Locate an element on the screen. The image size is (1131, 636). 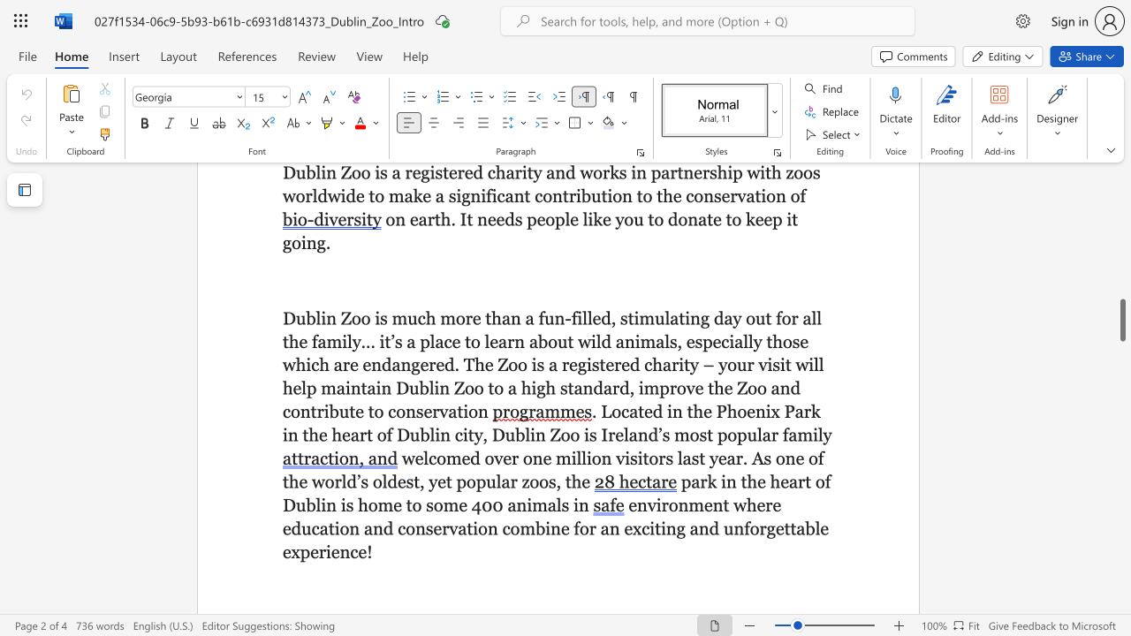
the 1th character "m" in the text is located at coordinates (453, 458).